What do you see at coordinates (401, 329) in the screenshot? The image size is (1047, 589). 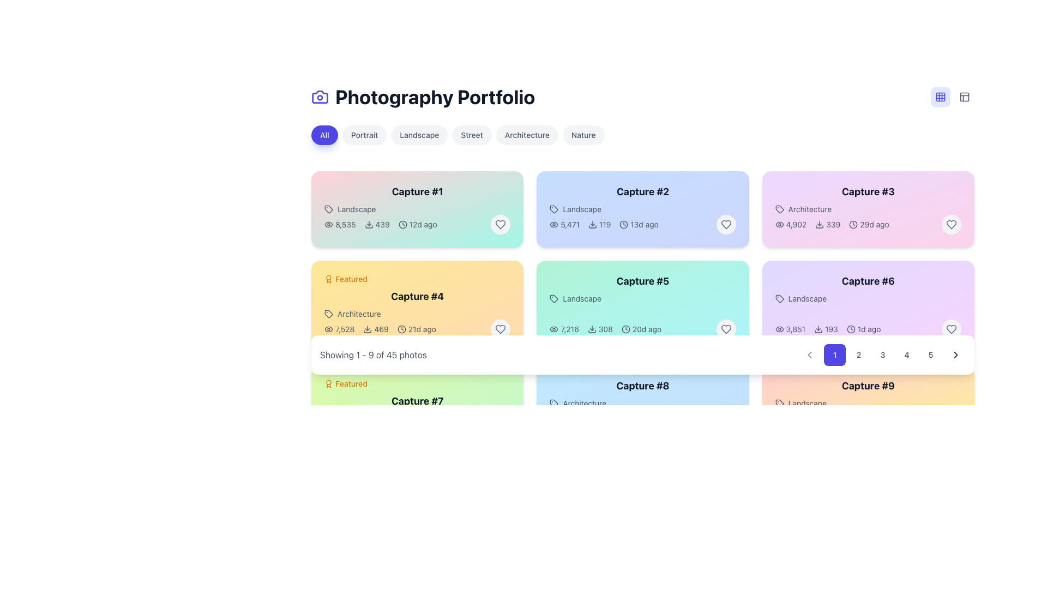 I see `the circular outline of the clock icon located at the bottom center of the orange card labeled 'Capture #4'` at bounding box center [401, 329].